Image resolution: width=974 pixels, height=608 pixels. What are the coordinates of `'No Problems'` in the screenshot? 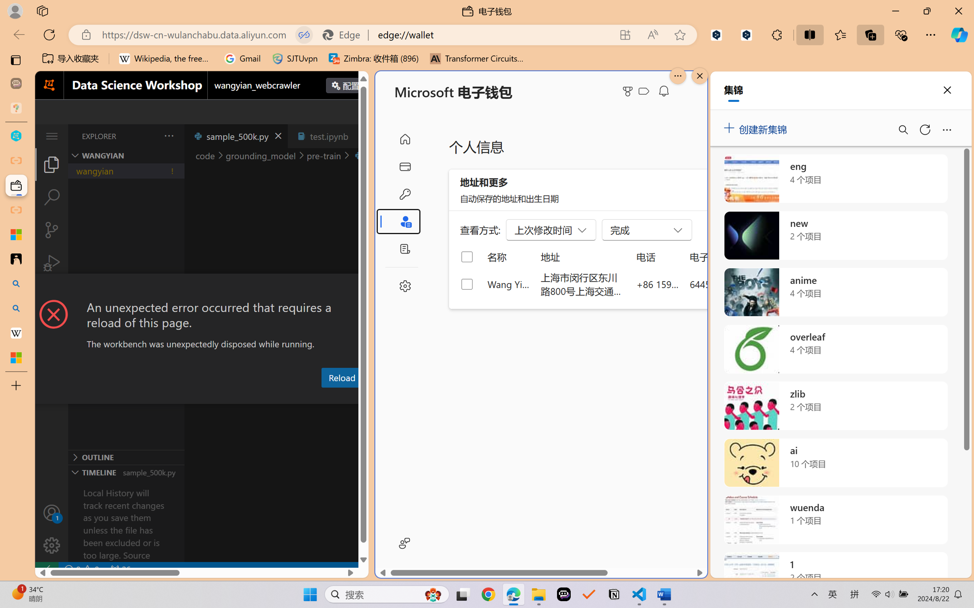 It's located at (80, 569).